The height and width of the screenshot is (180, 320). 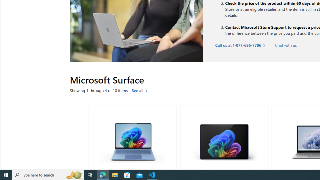 I want to click on 'Call us at 1-877-696-7786', so click(x=241, y=45).